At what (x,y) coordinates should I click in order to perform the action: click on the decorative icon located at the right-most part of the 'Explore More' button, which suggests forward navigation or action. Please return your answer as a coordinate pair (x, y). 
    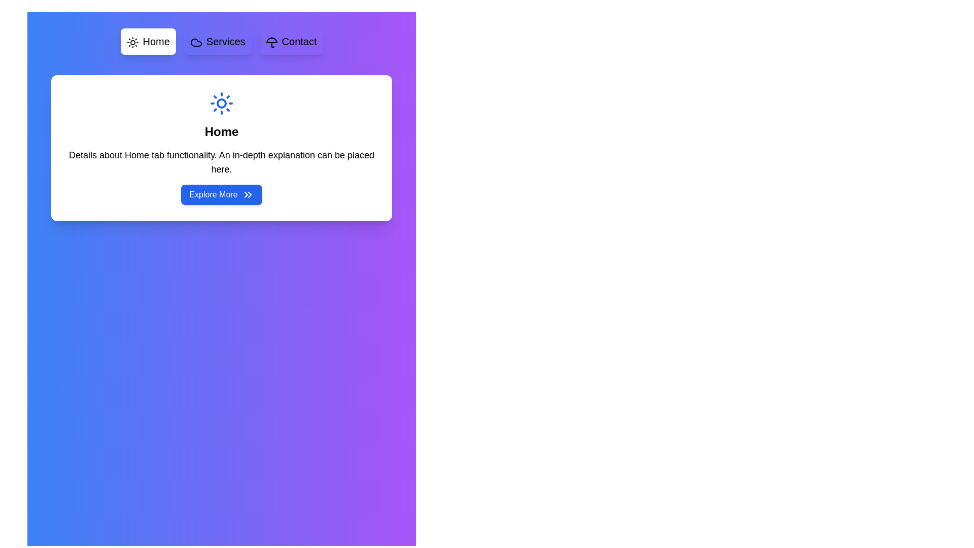
    Looking at the image, I should click on (248, 195).